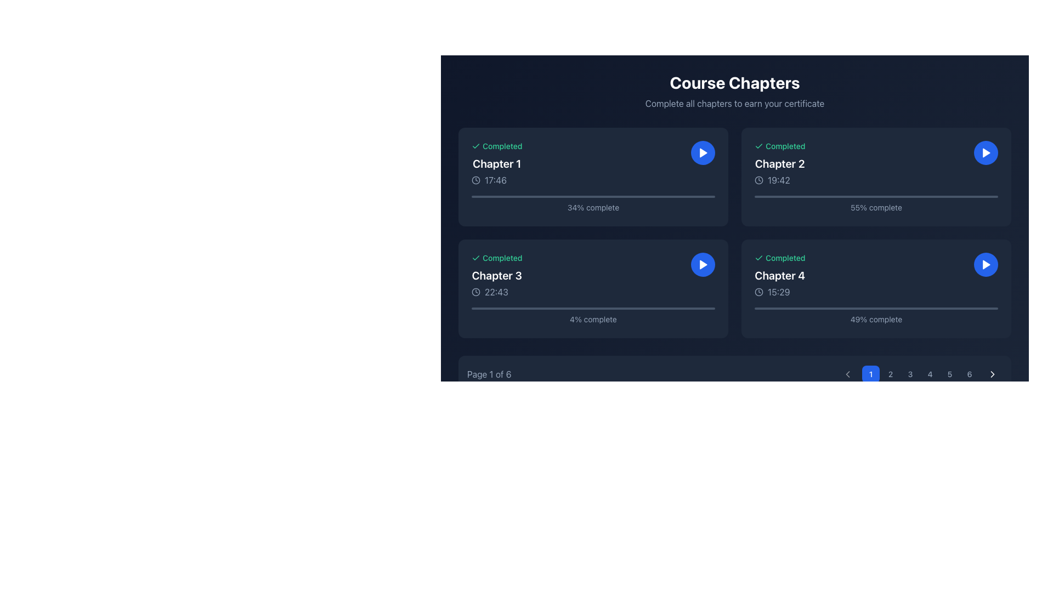 Image resolution: width=1053 pixels, height=592 pixels. Describe the element at coordinates (476, 179) in the screenshot. I see `the clock icon located to the left of the time text '17:46' within the first chapter card under the heading 'Course Chapters'` at that location.